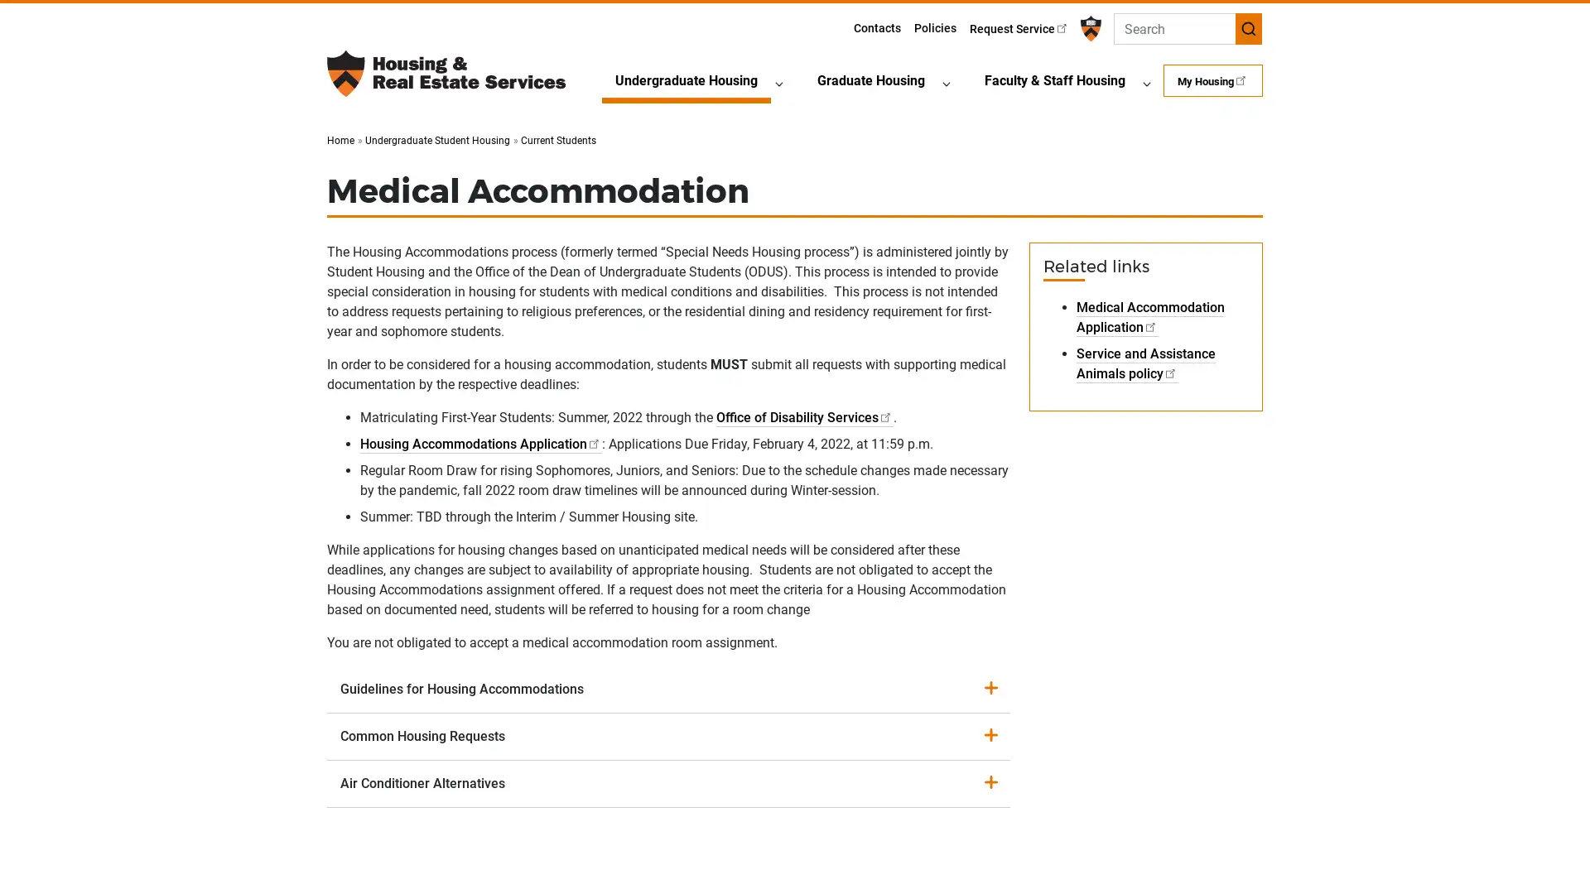 The height and width of the screenshot is (894, 1590). What do you see at coordinates (667, 783) in the screenshot?
I see `Air Conditioner Alternatives` at bounding box center [667, 783].